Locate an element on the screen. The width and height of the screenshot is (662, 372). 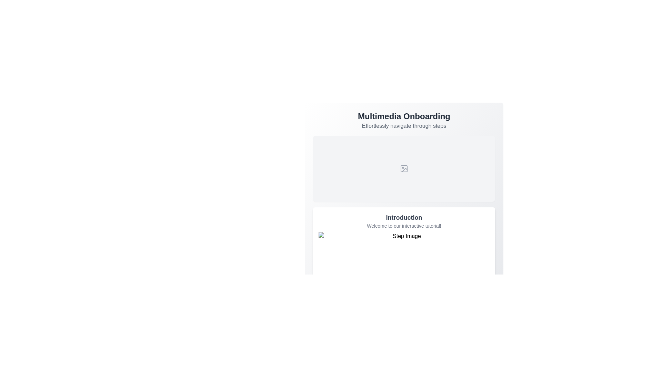
the SVG rectangle element that serves as a visual representation within the image placeholder icon of the 'Multimedia Onboarding' card is located at coordinates (404, 168).